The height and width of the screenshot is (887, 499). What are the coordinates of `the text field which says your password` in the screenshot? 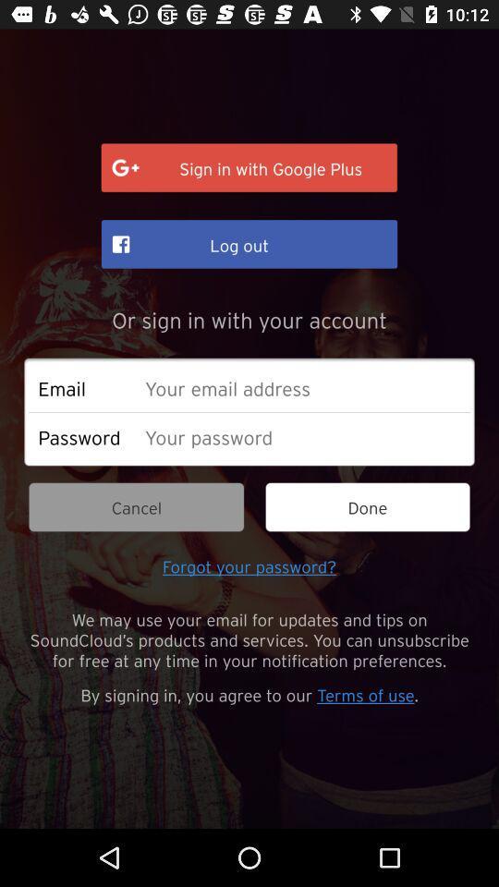 It's located at (302, 436).